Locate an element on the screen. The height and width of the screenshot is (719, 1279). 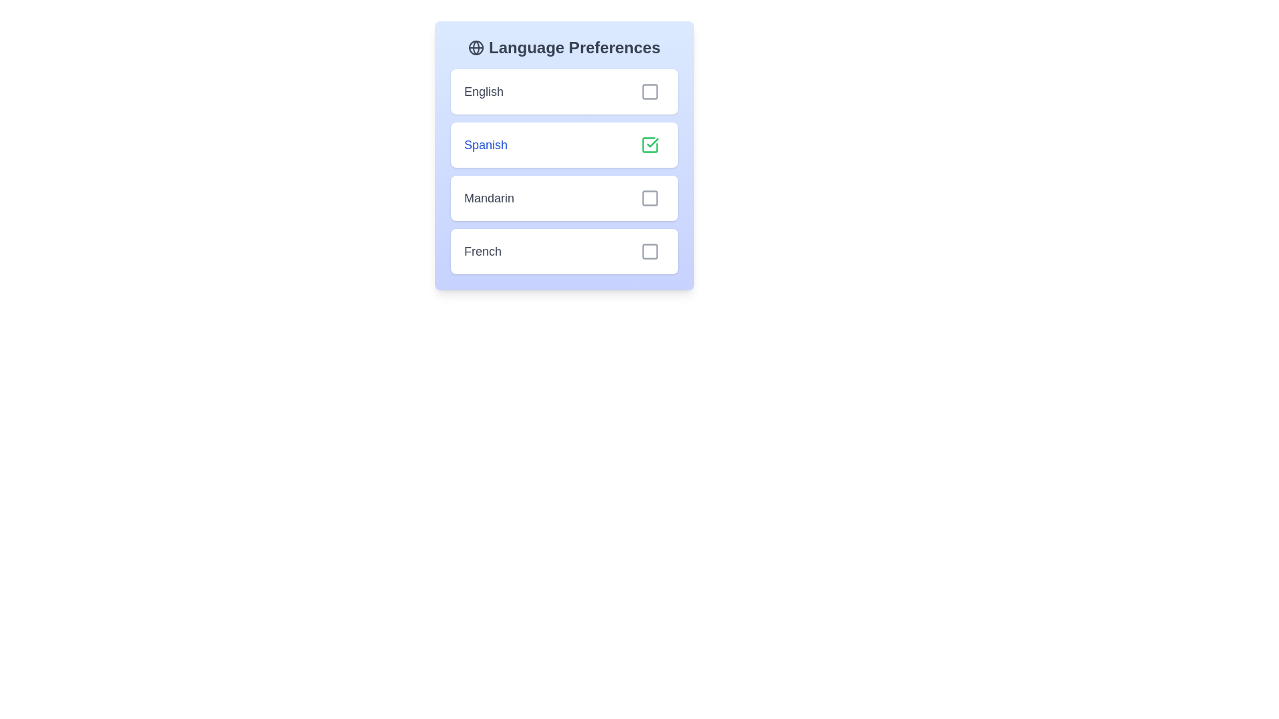
the toggle button is located at coordinates (649, 252).